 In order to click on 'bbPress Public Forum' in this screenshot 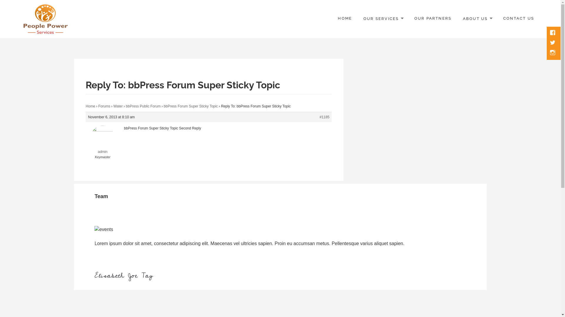, I will do `click(143, 106)`.